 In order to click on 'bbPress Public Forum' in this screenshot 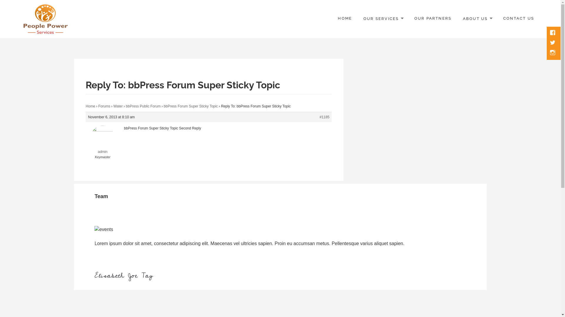, I will do `click(143, 106)`.